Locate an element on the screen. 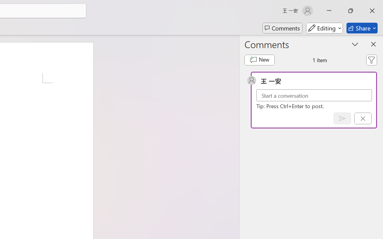  'New comment' is located at coordinates (259, 60).